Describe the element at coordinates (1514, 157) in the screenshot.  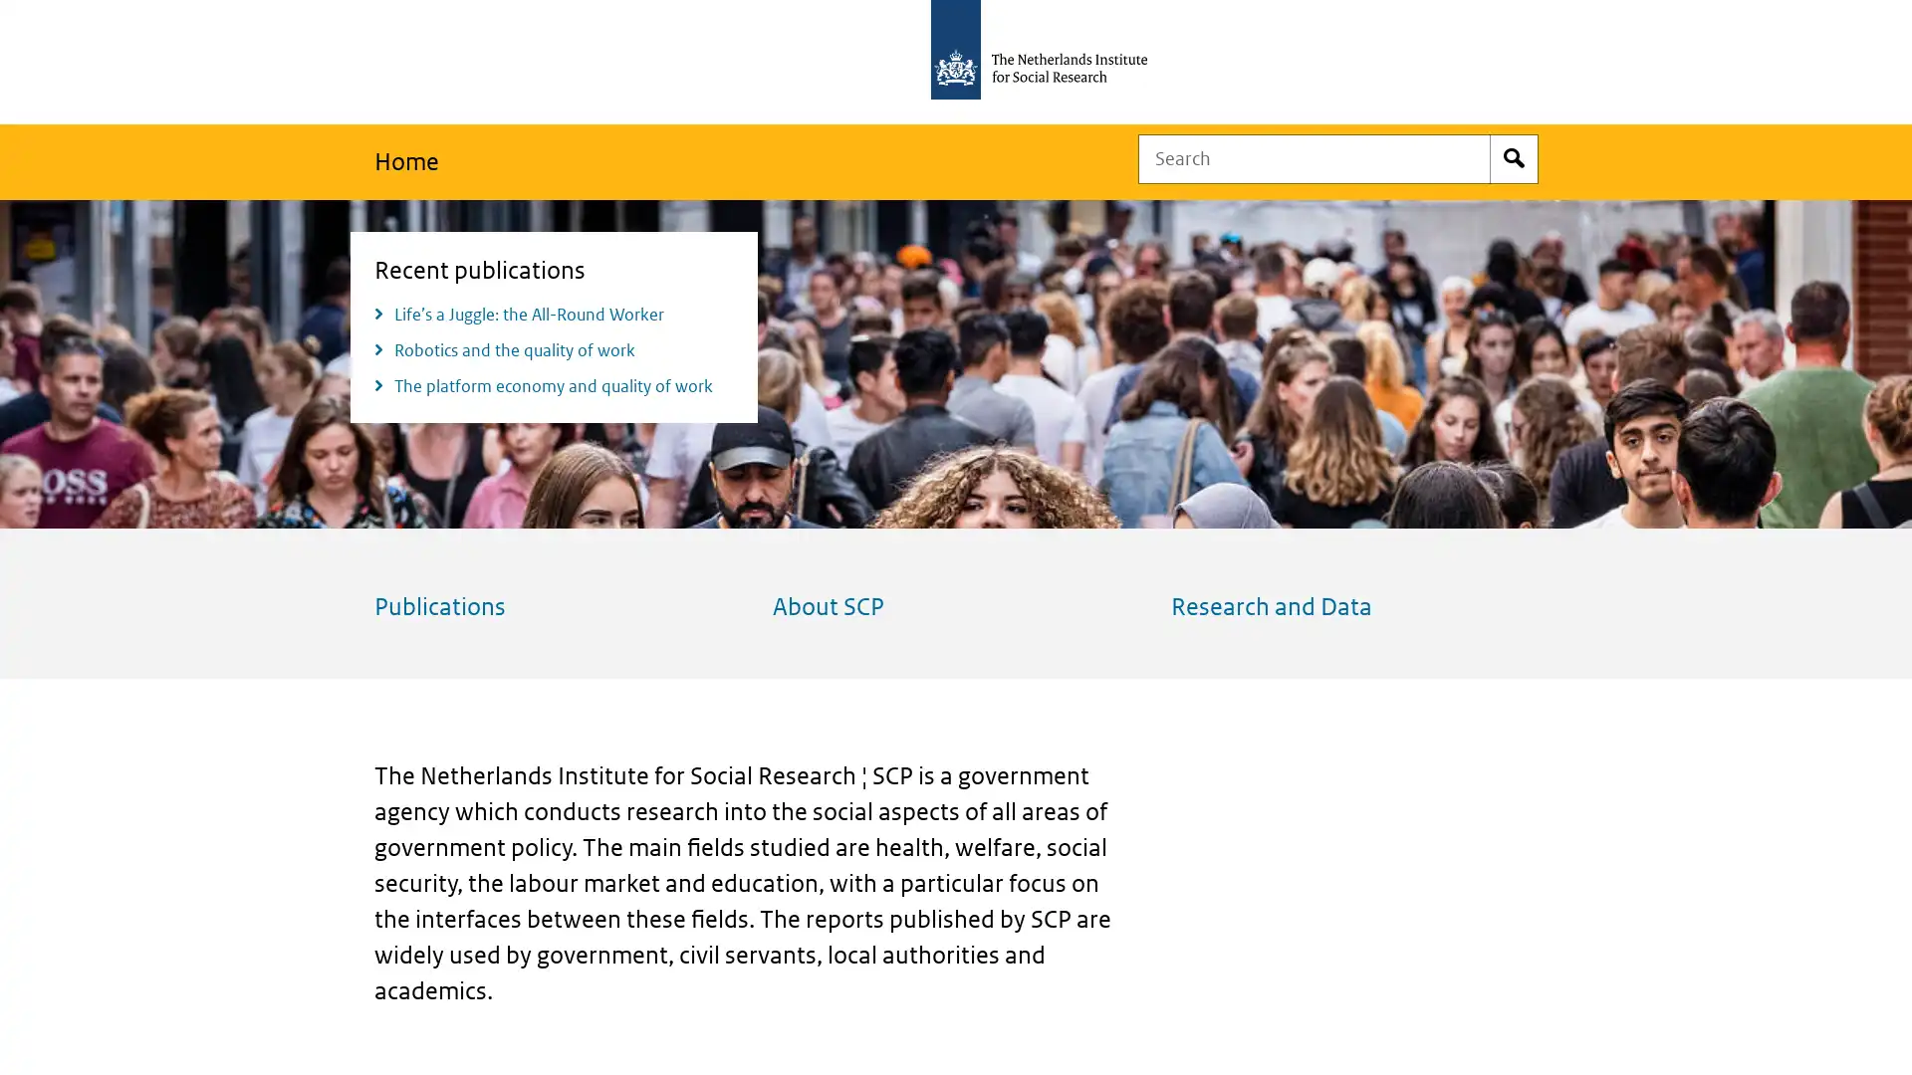
I see `Start search` at that location.